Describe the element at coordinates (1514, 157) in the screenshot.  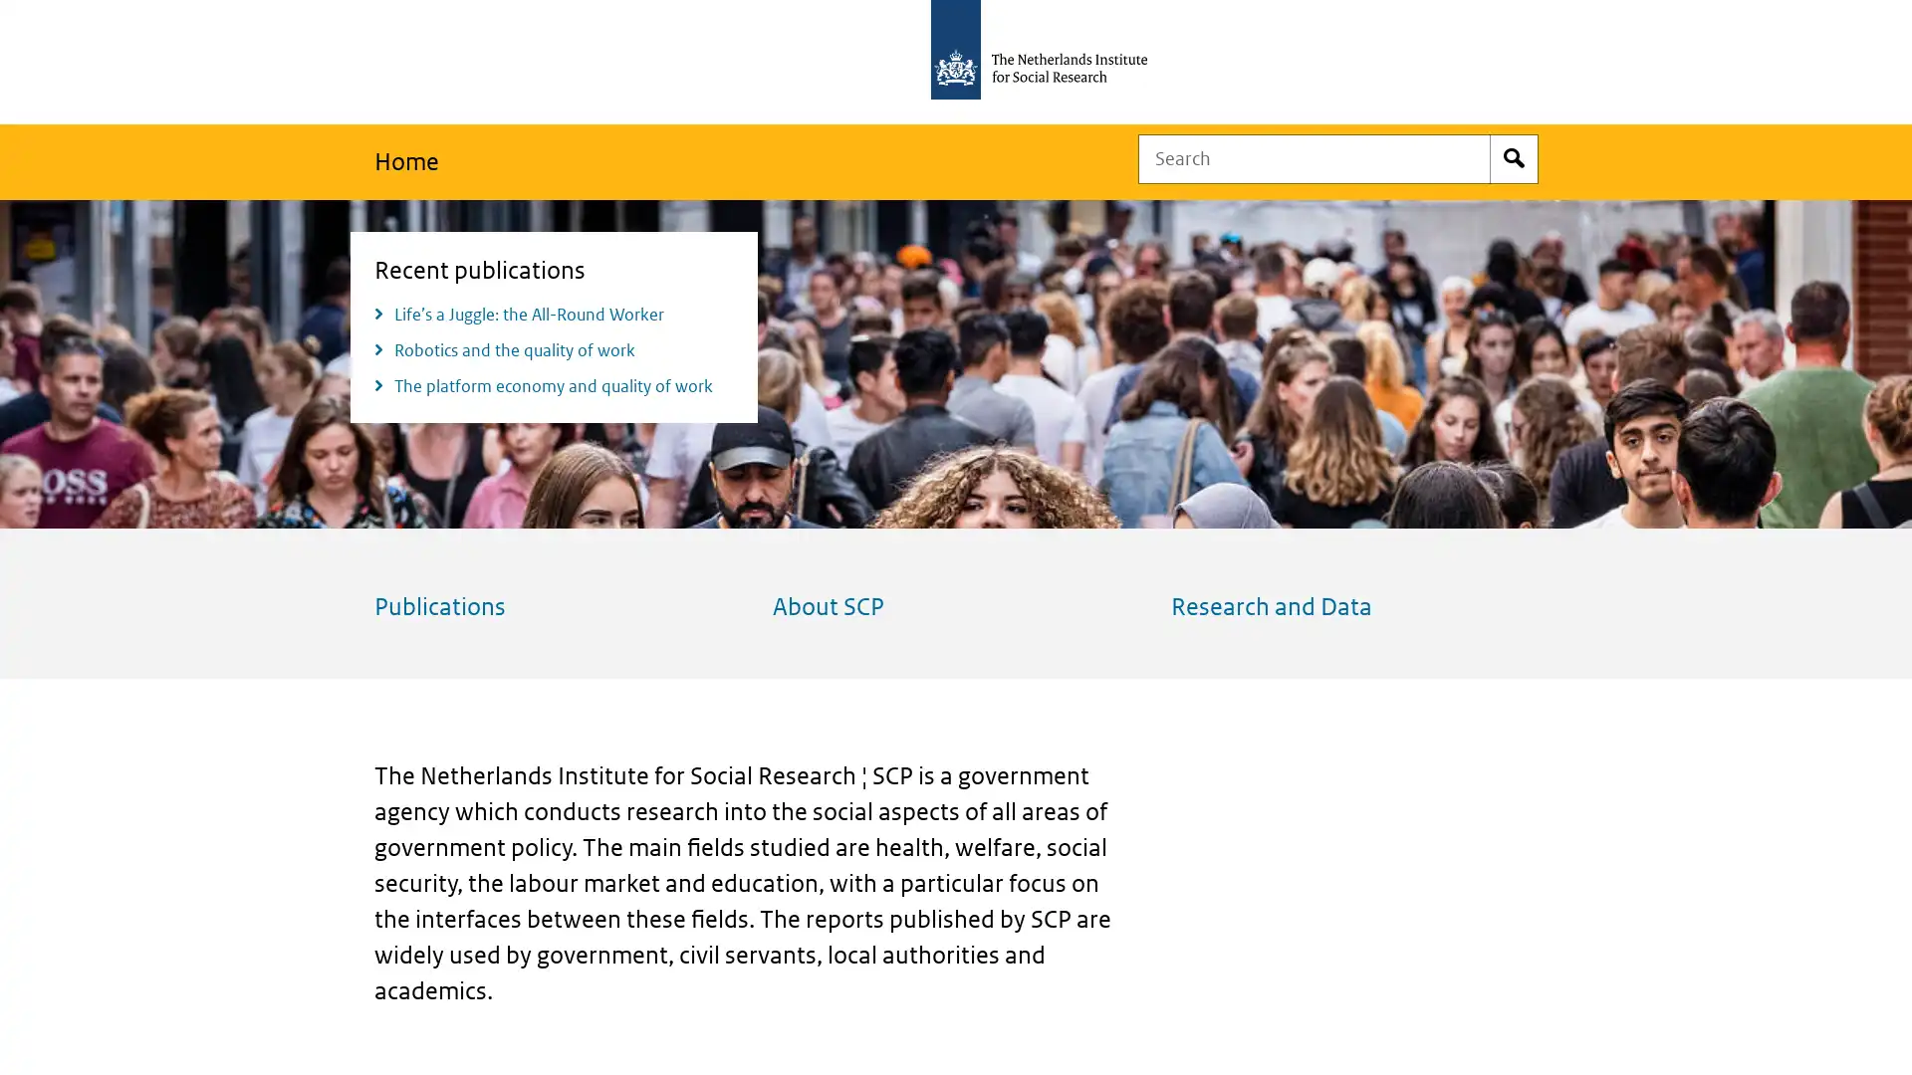
I see `Start search` at that location.